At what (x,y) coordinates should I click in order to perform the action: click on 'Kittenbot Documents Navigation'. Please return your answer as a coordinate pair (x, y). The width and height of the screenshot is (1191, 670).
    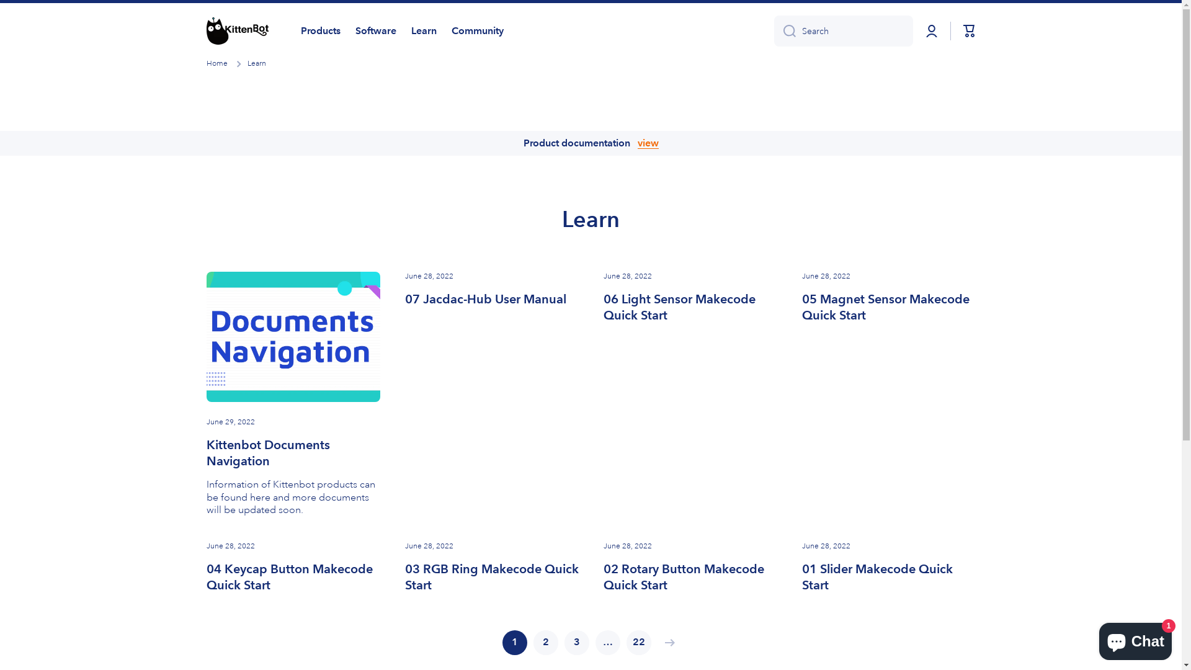
    Looking at the image, I should click on (292, 452).